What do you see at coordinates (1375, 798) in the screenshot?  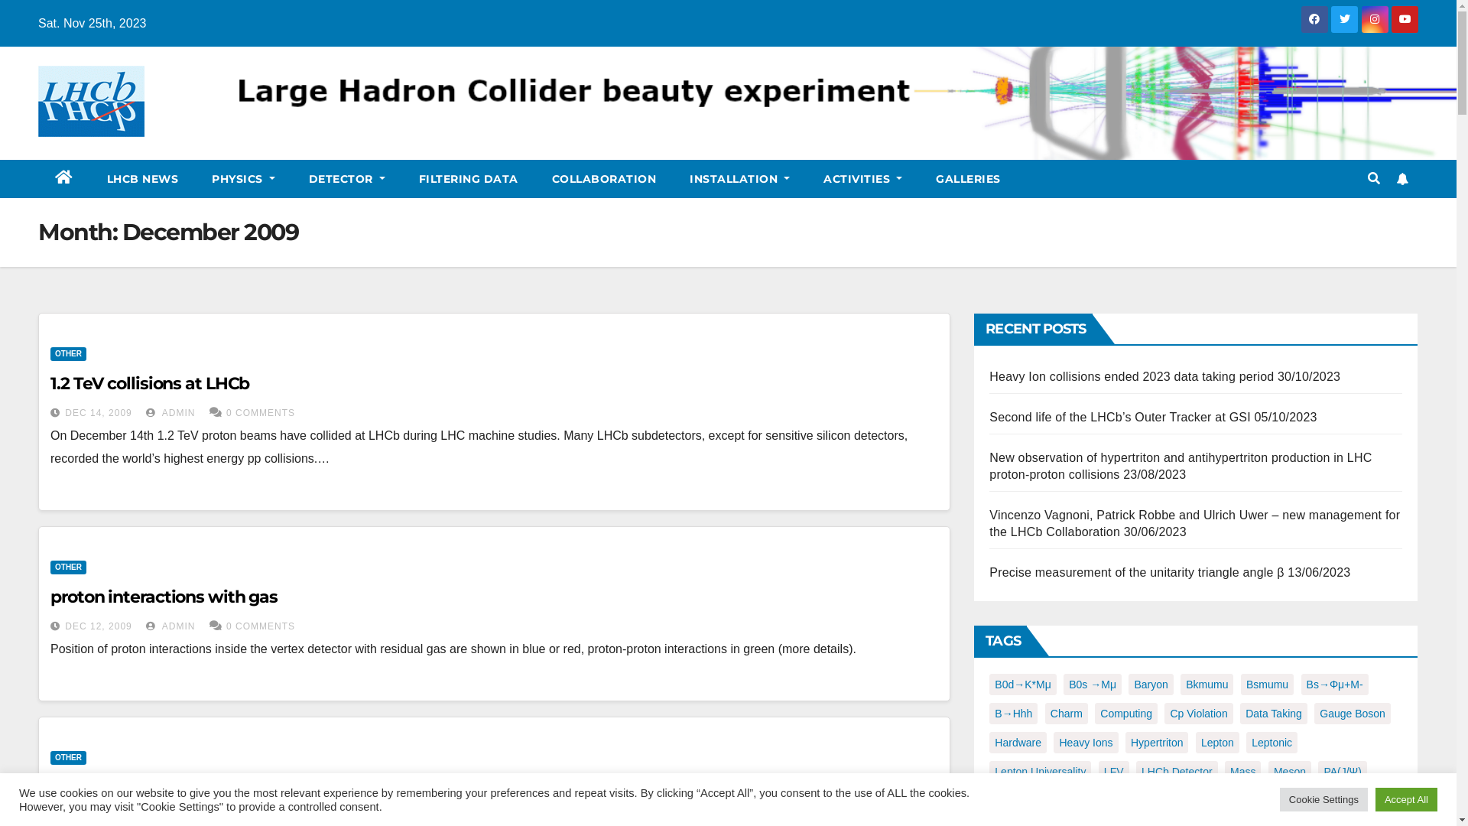 I see `'Accept All'` at bounding box center [1375, 798].